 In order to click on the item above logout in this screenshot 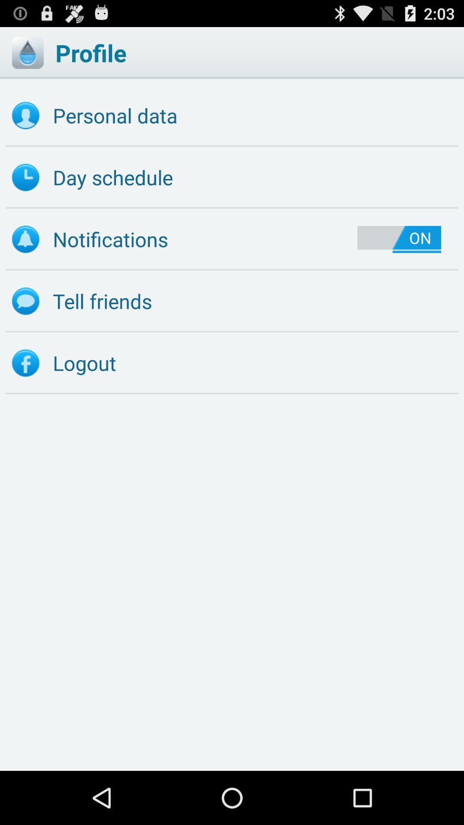, I will do `click(232, 301)`.